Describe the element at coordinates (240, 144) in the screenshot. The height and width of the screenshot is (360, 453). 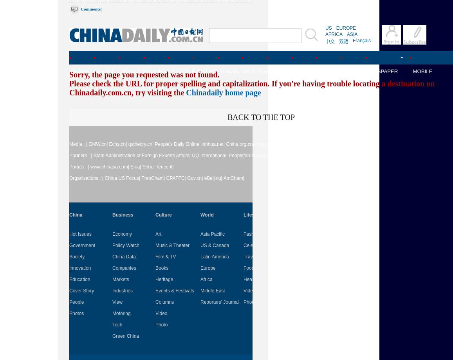
I see `'China.org.cn|'` at that location.